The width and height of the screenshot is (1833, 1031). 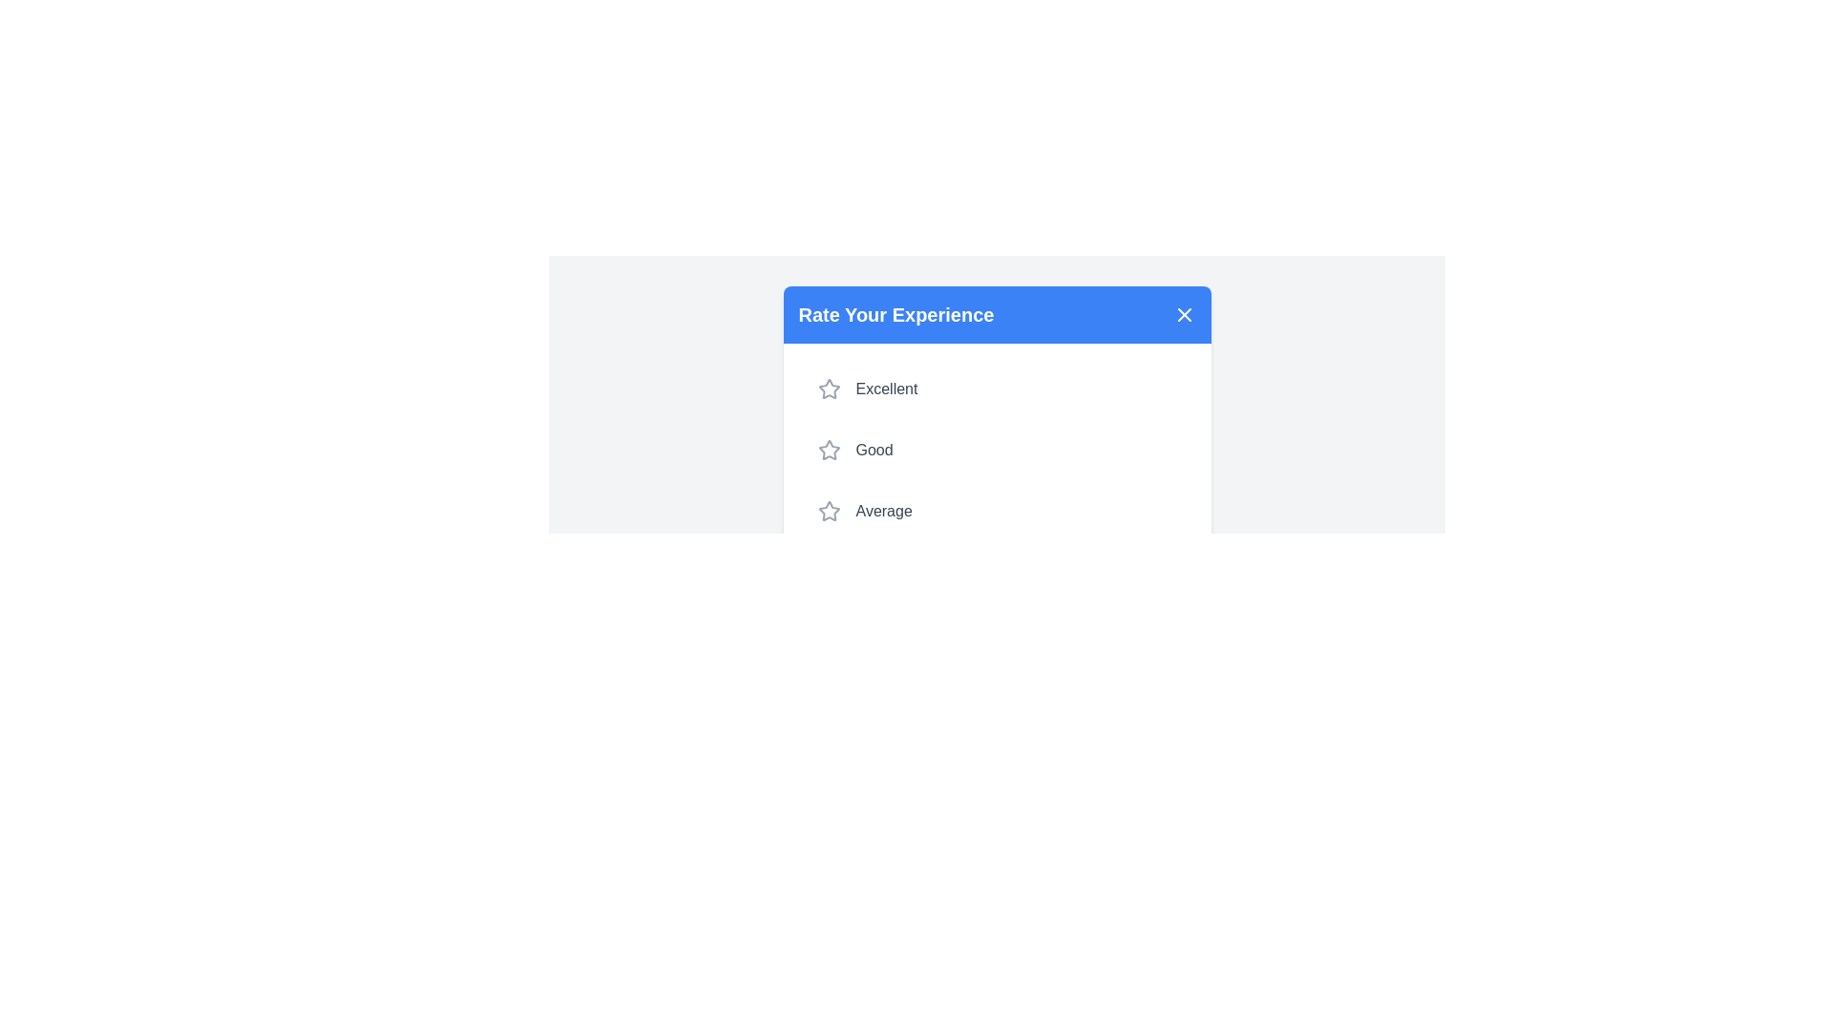 I want to click on the star corresponding to the desired rating 1, so click(x=829, y=389).